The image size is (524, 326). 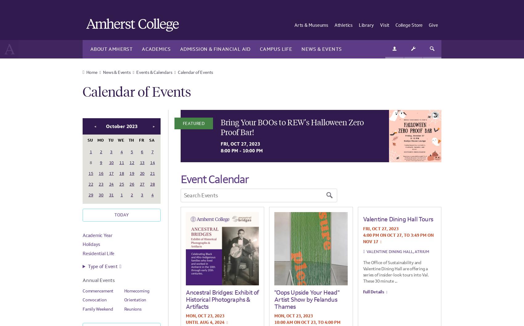 I want to click on '15', so click(x=90, y=173).